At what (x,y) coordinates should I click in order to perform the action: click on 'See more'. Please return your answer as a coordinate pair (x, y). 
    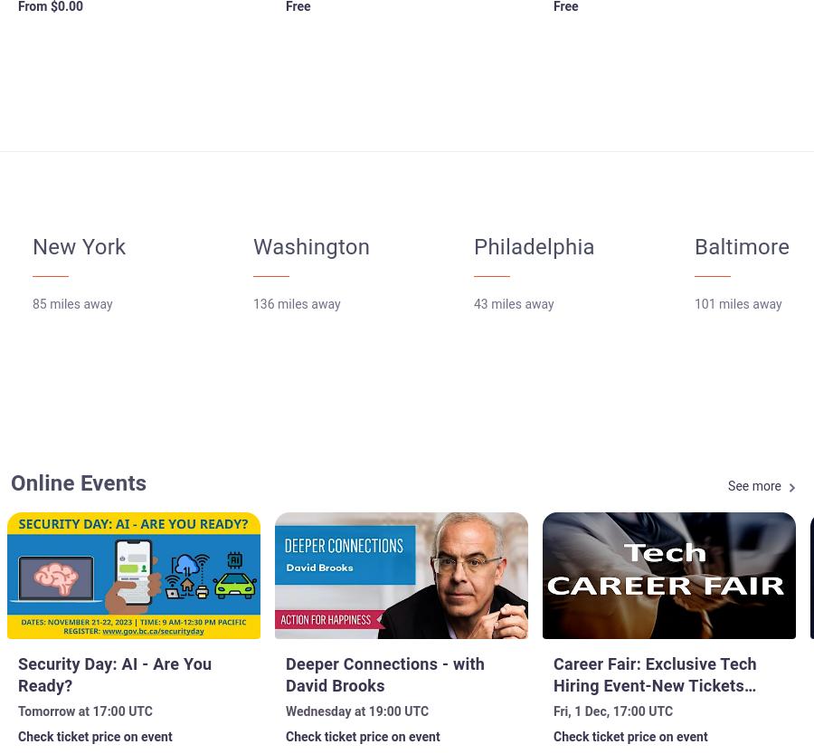
    Looking at the image, I should click on (754, 485).